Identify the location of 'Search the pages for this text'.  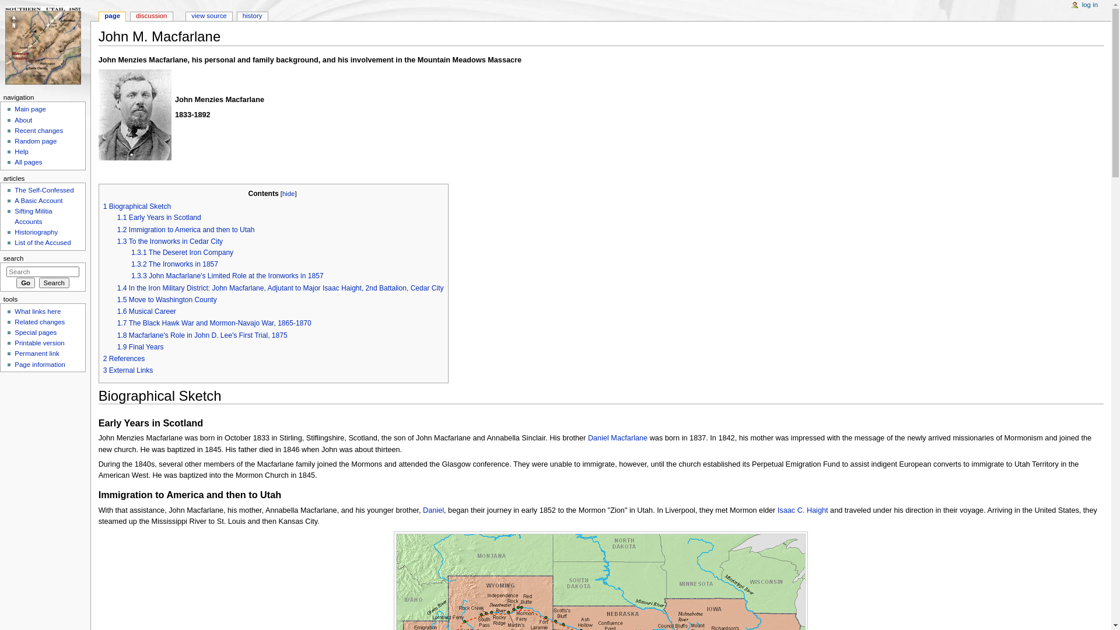
(53, 283).